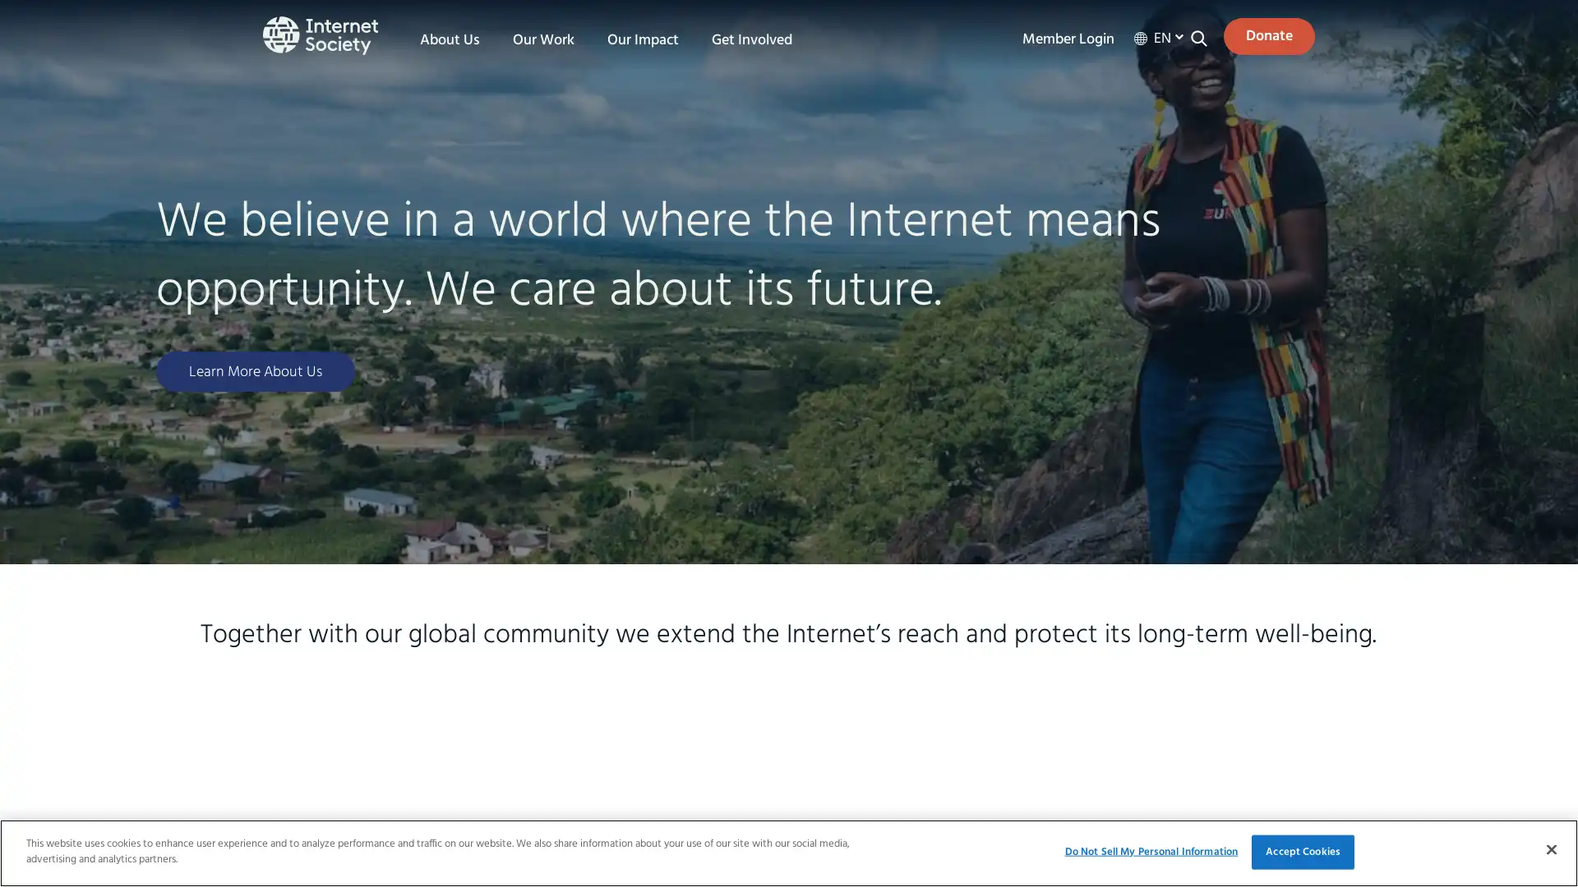 Image resolution: width=1578 pixels, height=887 pixels. Describe the element at coordinates (1302, 851) in the screenshot. I see `Accept Cookies` at that location.